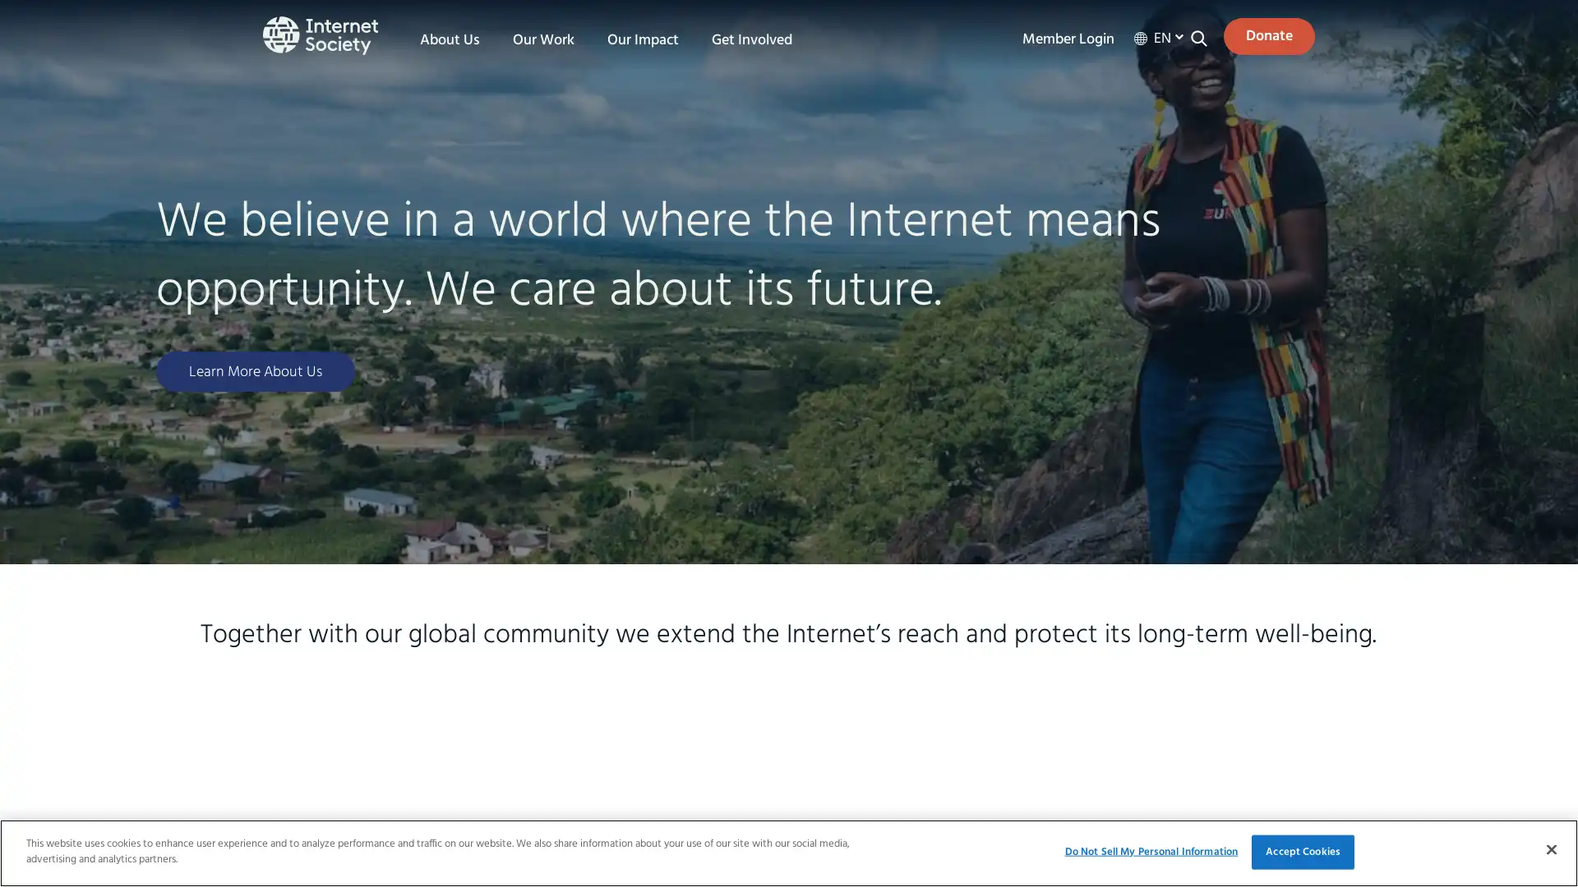 Image resolution: width=1578 pixels, height=887 pixels. Describe the element at coordinates (1302, 851) in the screenshot. I see `Accept Cookies` at that location.